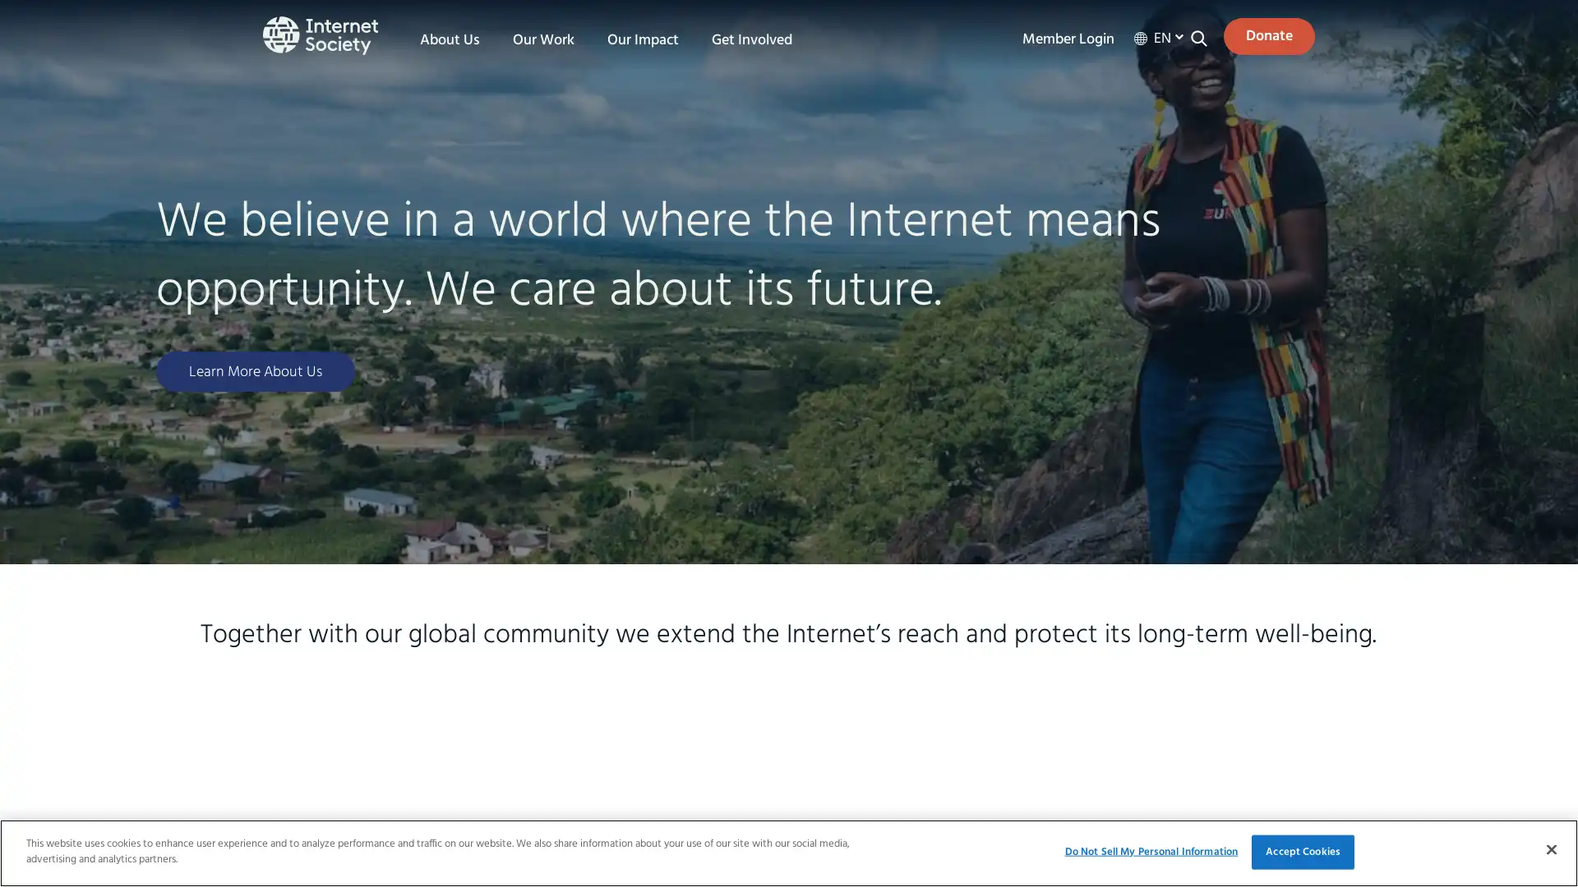 Image resolution: width=1578 pixels, height=887 pixels. Describe the element at coordinates (1302, 851) in the screenshot. I see `Accept Cookies` at that location.